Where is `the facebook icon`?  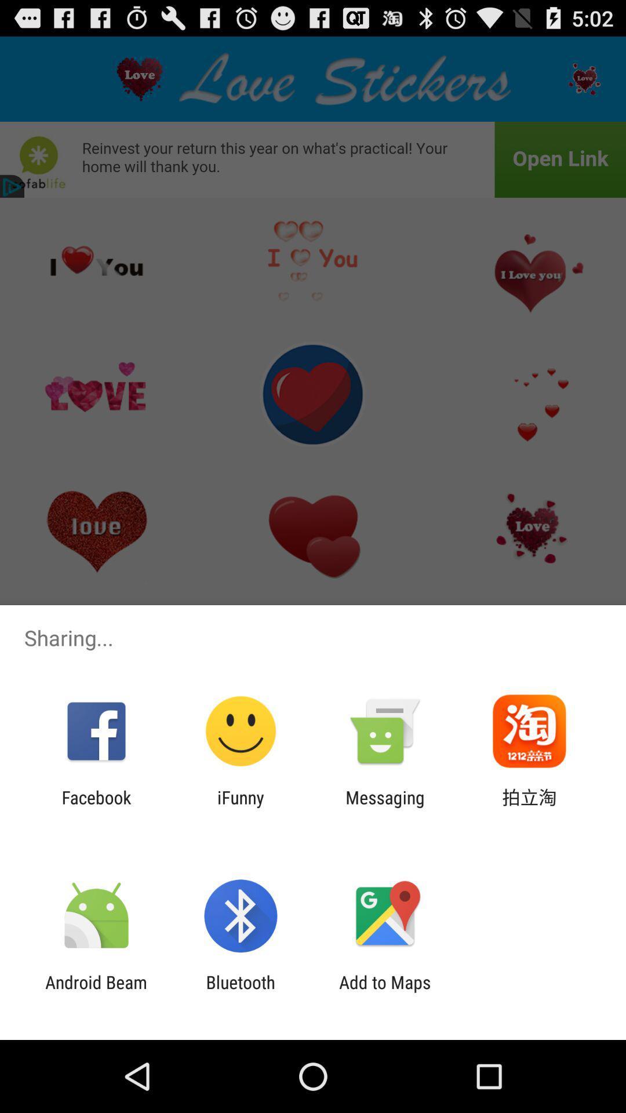
the facebook icon is located at coordinates (96, 807).